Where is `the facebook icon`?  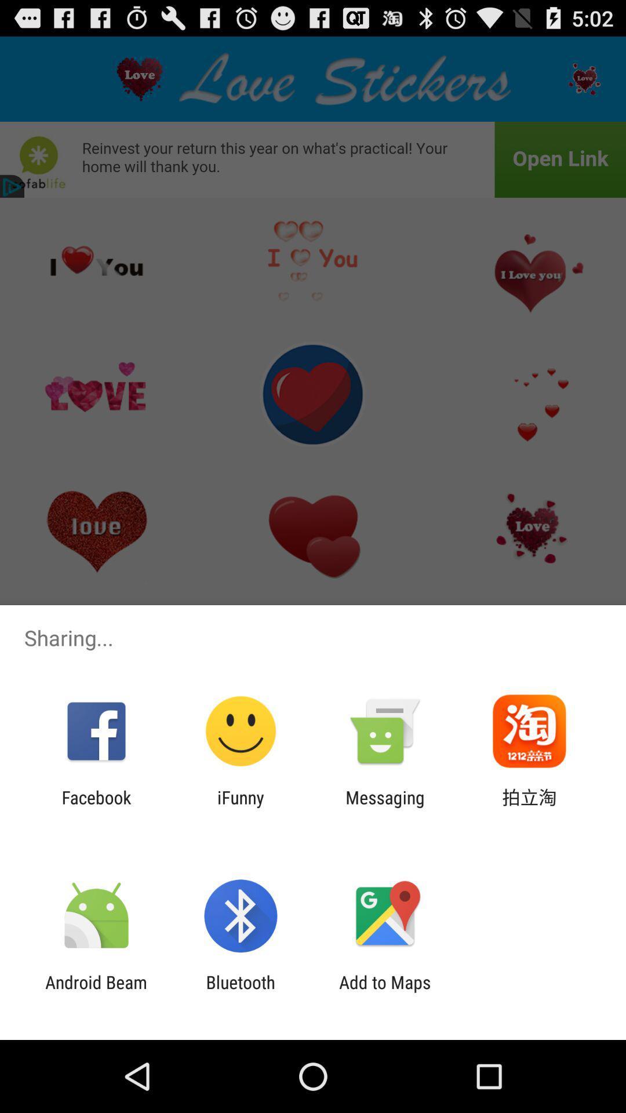
the facebook icon is located at coordinates (96, 807).